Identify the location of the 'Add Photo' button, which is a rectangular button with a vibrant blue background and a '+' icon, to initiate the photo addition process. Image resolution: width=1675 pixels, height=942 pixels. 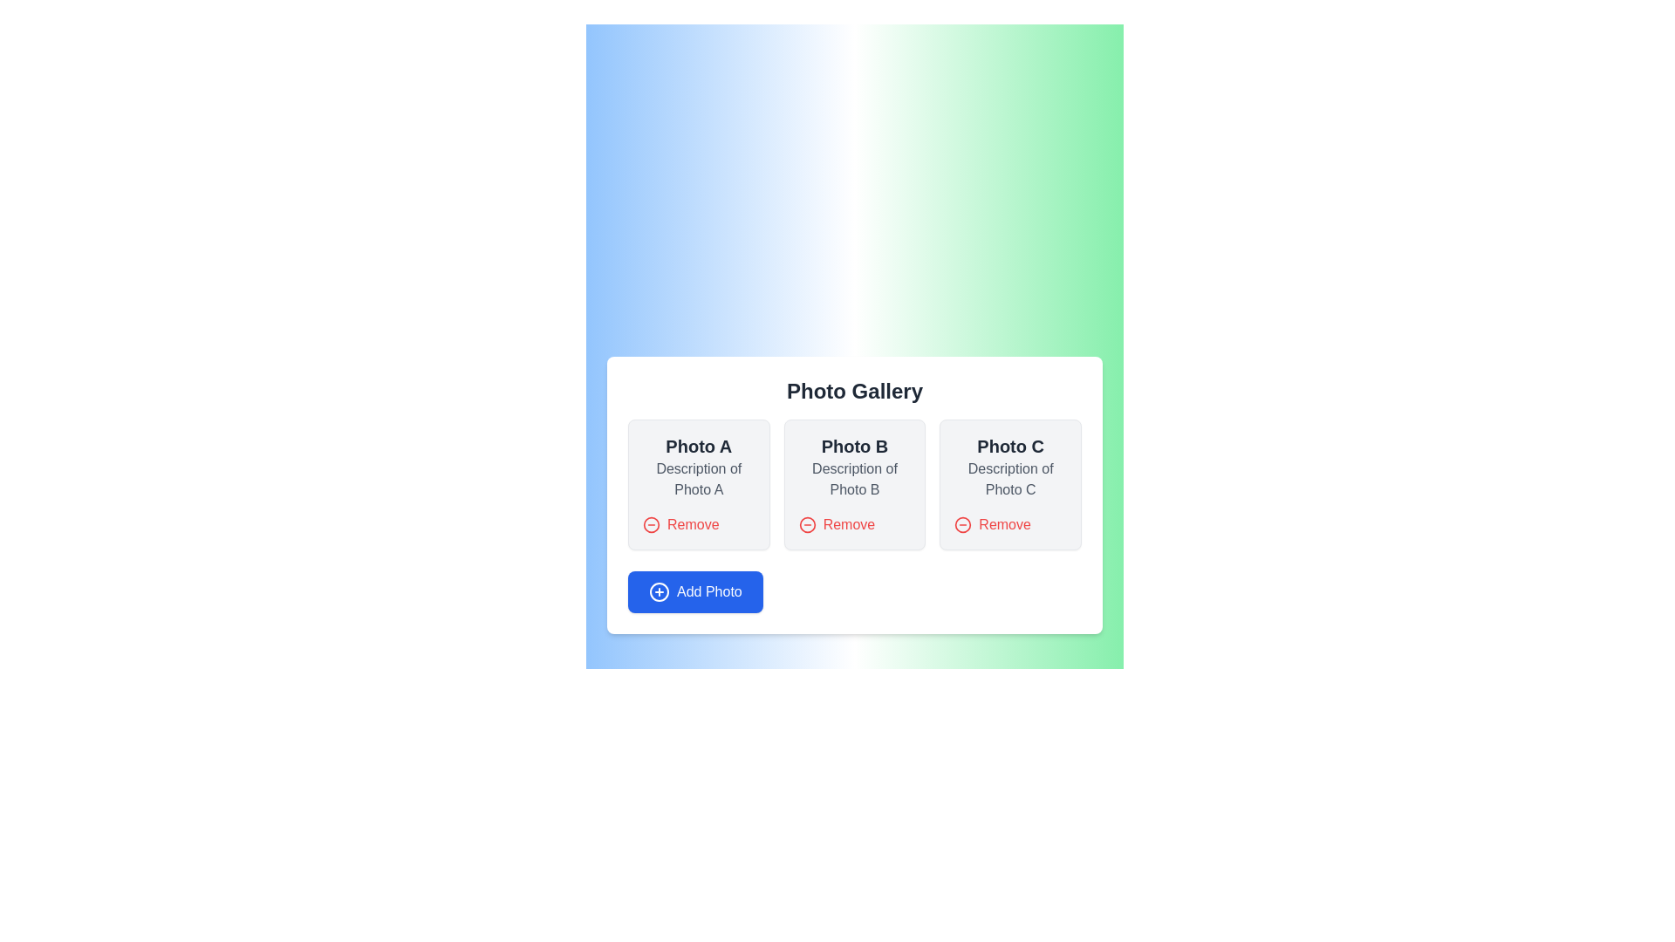
(694, 590).